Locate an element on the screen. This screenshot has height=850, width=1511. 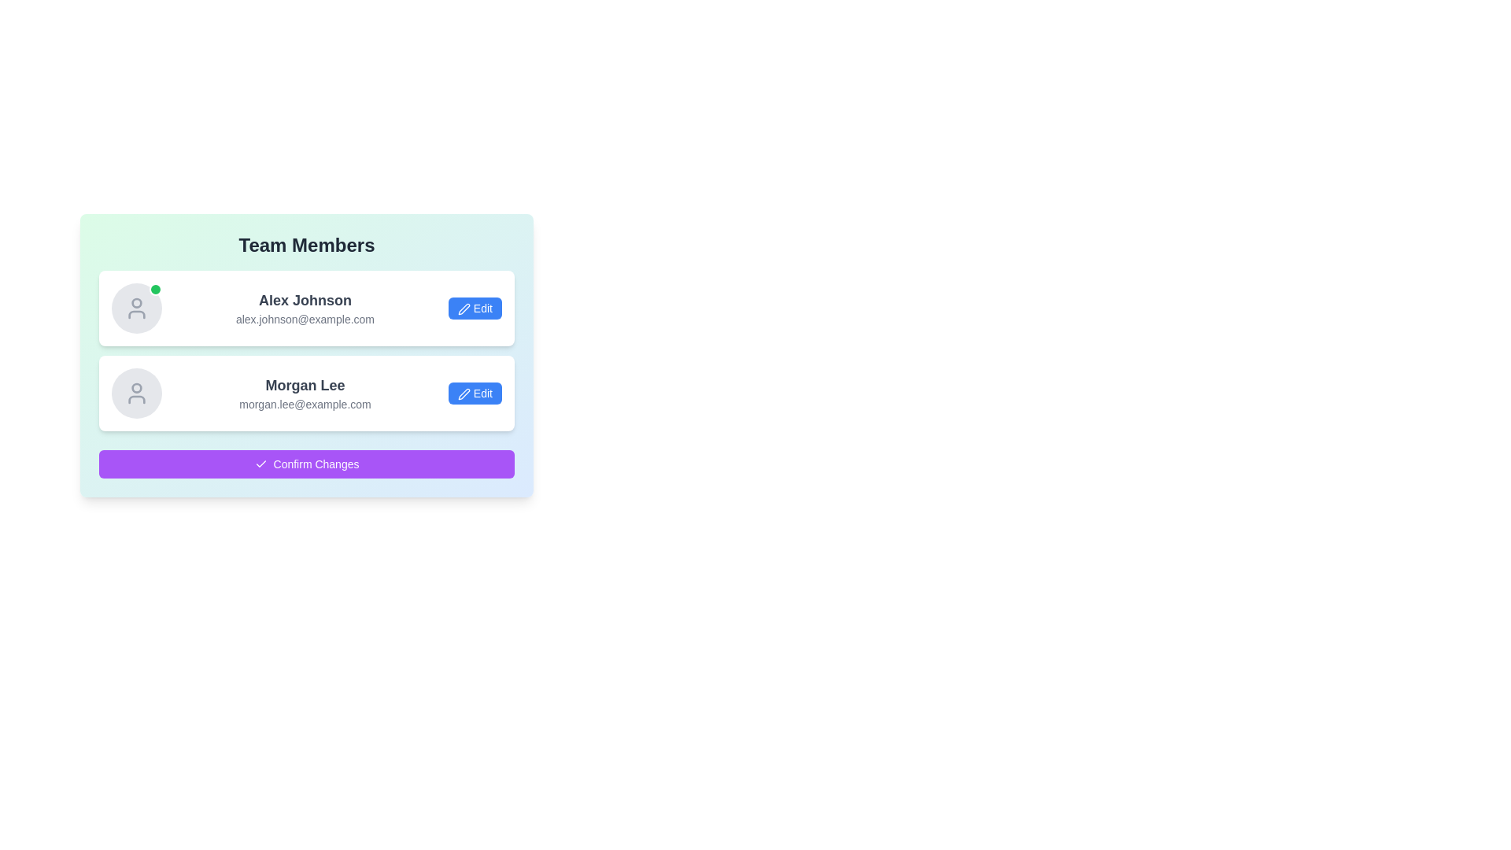
the decorative circle inside the user icon representing Alex Johnson in the Team Members list is located at coordinates (136, 303).